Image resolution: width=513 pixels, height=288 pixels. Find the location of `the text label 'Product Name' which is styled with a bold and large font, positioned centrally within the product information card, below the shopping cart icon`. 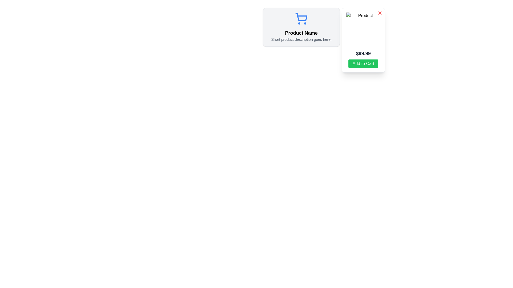

the text label 'Product Name' which is styled with a bold and large font, positioned centrally within the product information card, below the shopping cart icon is located at coordinates (301, 33).